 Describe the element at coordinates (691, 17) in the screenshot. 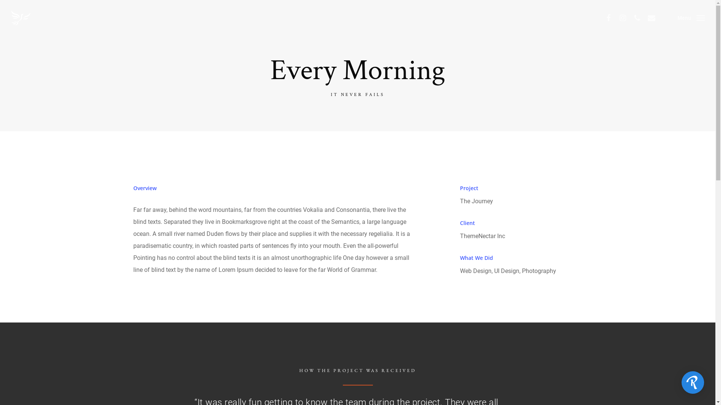

I see `'Menu'` at that location.